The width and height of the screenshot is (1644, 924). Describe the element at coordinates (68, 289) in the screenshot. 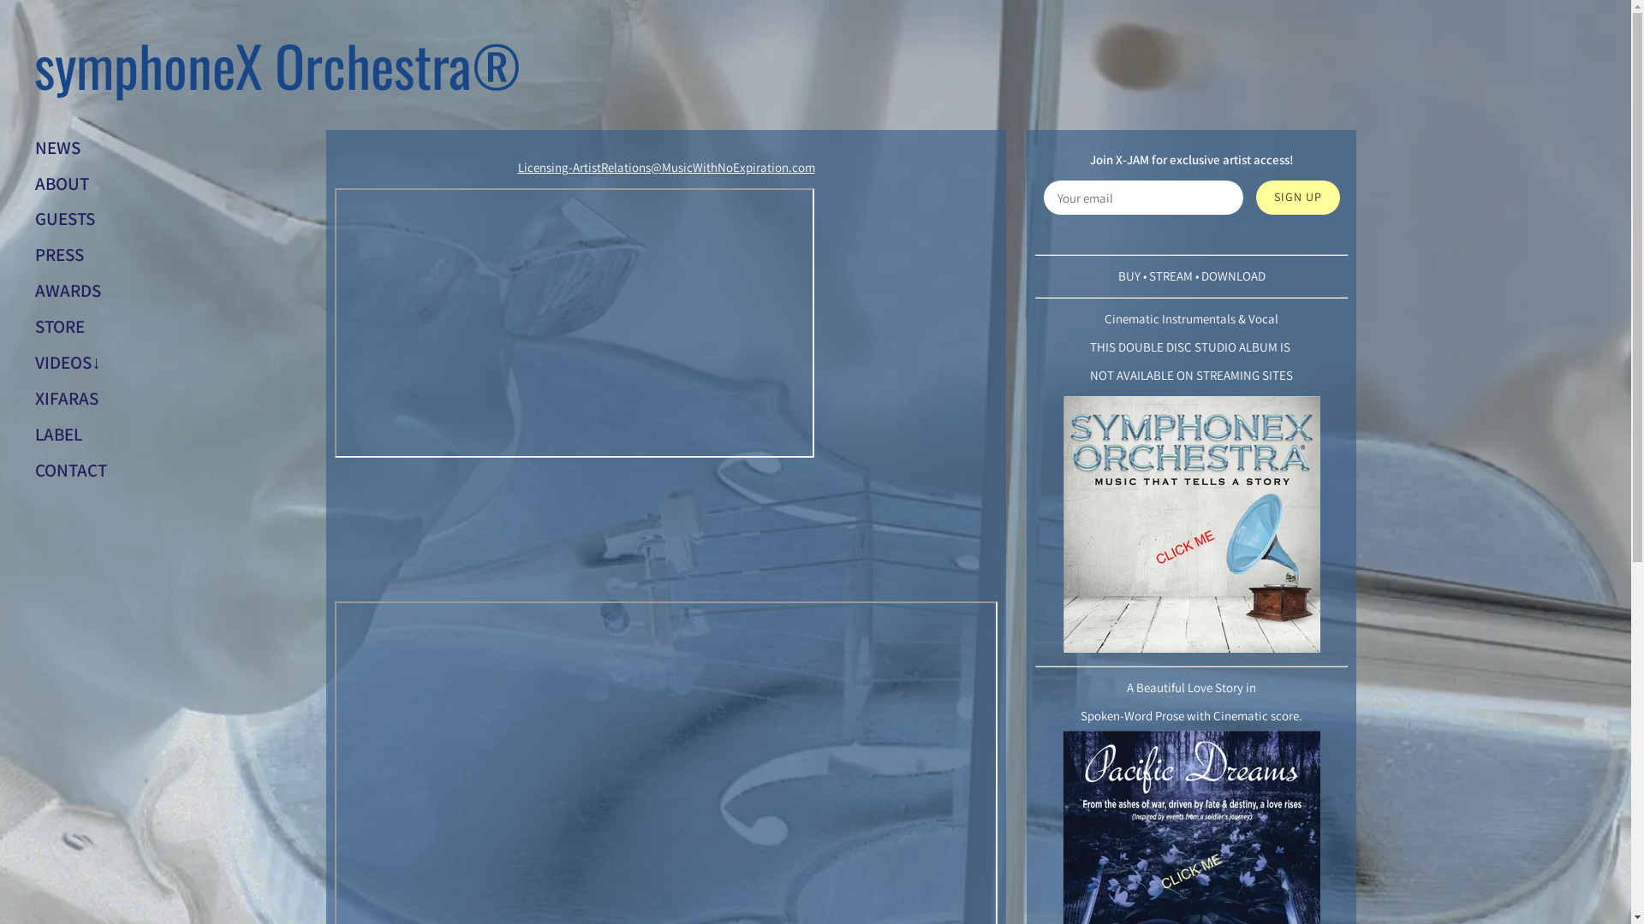

I see `'AWARDS'` at that location.